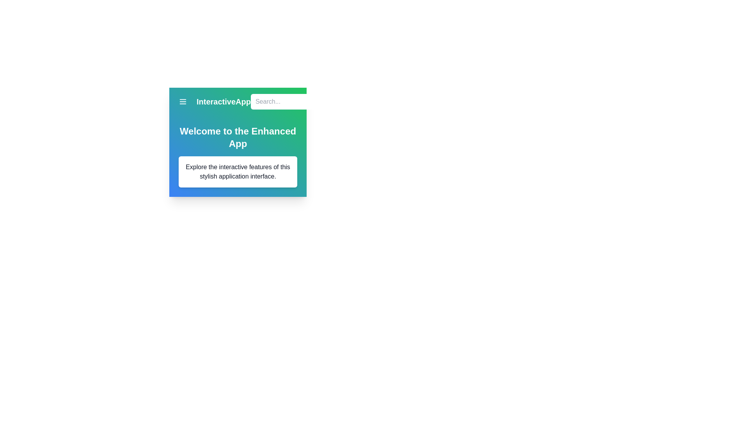  What do you see at coordinates (183, 101) in the screenshot?
I see `menu button to open the menu` at bounding box center [183, 101].